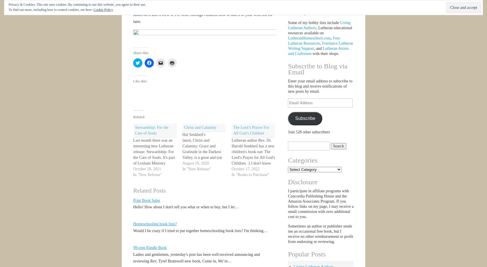 The image size is (487, 267). Describe the element at coordinates (318, 51) in the screenshot. I see `'Lutheran Artists and Craftsmen'` at that location.